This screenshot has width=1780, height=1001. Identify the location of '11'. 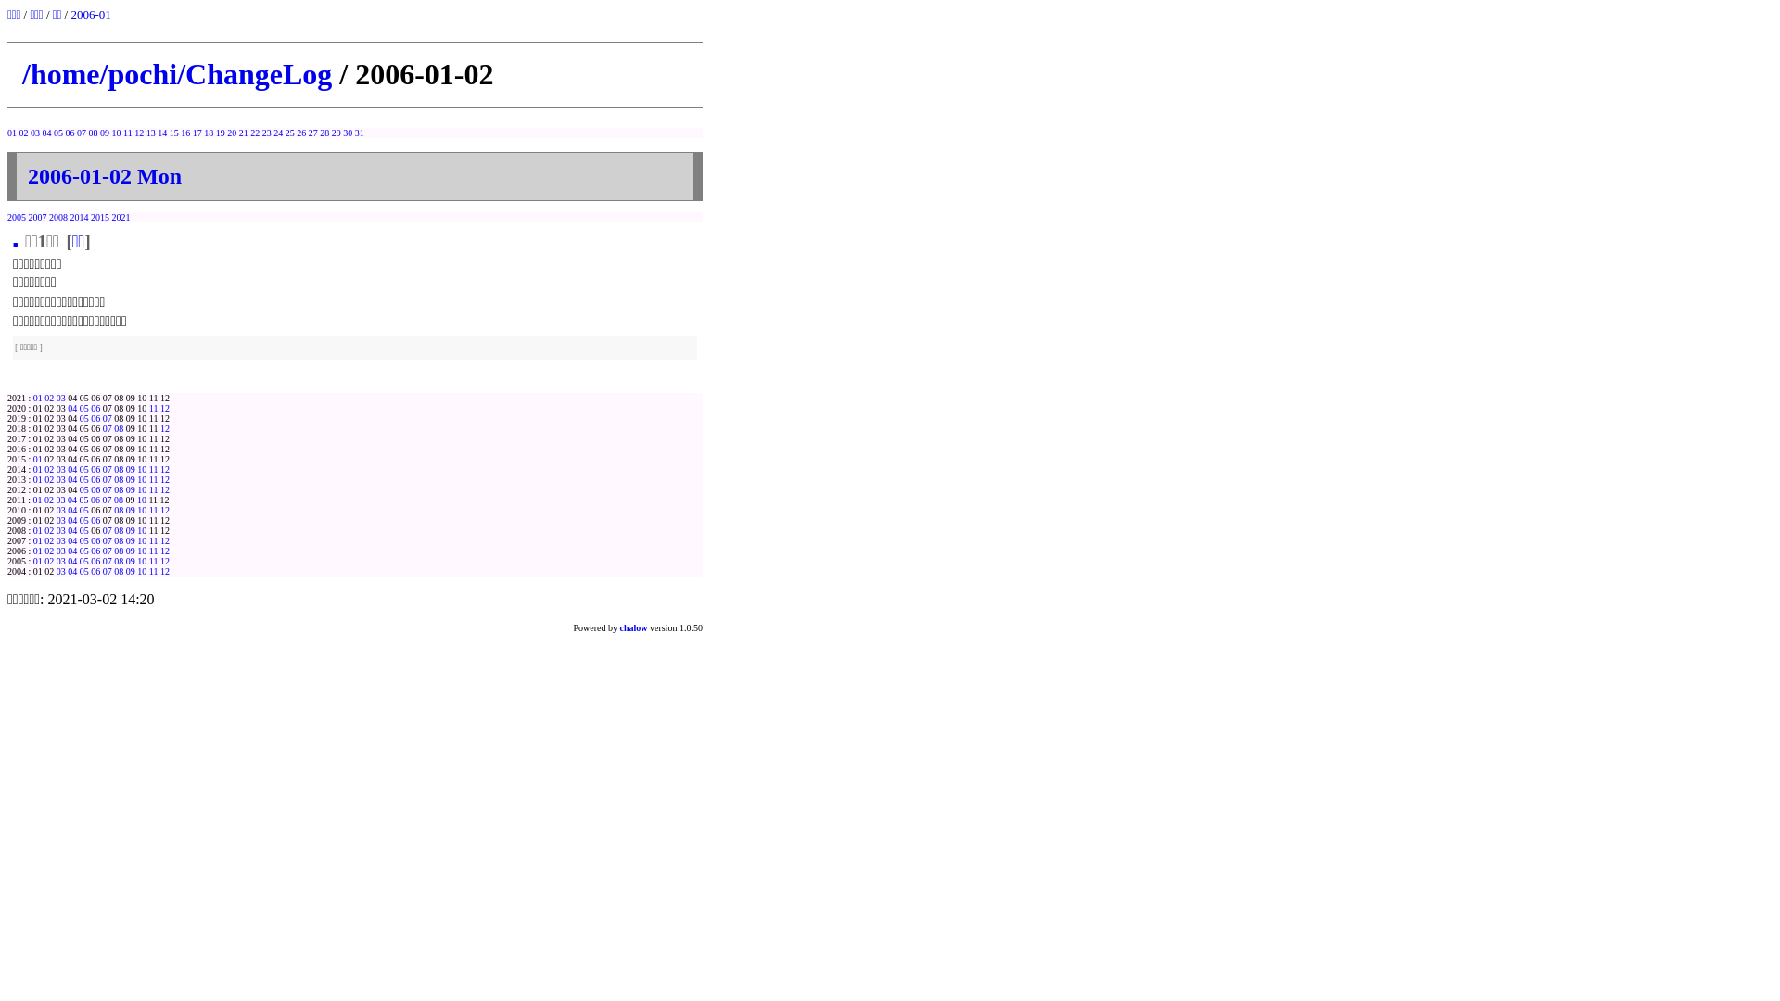
(154, 478).